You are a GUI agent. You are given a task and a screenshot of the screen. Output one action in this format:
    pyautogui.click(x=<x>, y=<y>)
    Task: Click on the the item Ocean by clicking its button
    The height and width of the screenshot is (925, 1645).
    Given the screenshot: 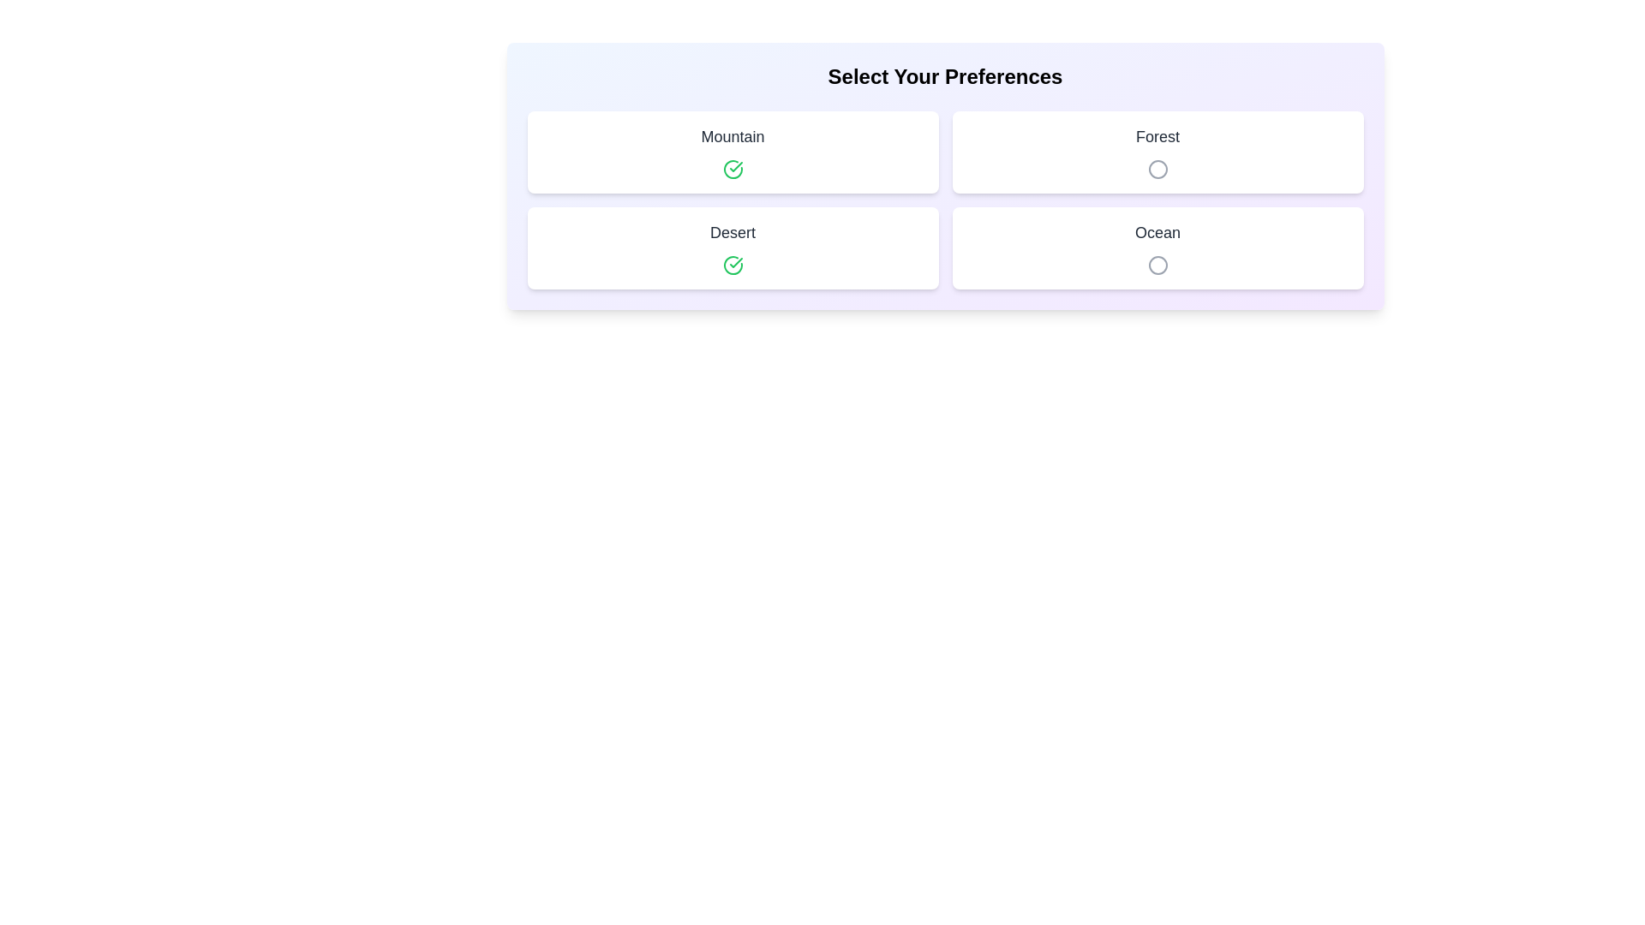 What is the action you would take?
    pyautogui.click(x=1157, y=265)
    